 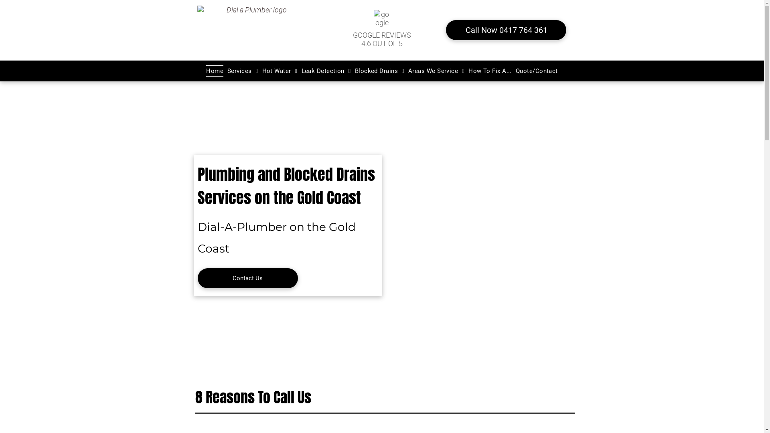 I want to click on 'Hot Water', so click(x=280, y=71).